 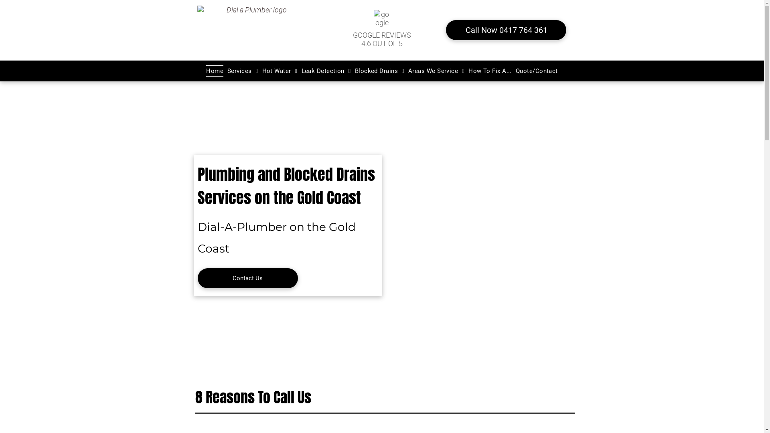 I want to click on 'Hot Water', so click(x=280, y=71).